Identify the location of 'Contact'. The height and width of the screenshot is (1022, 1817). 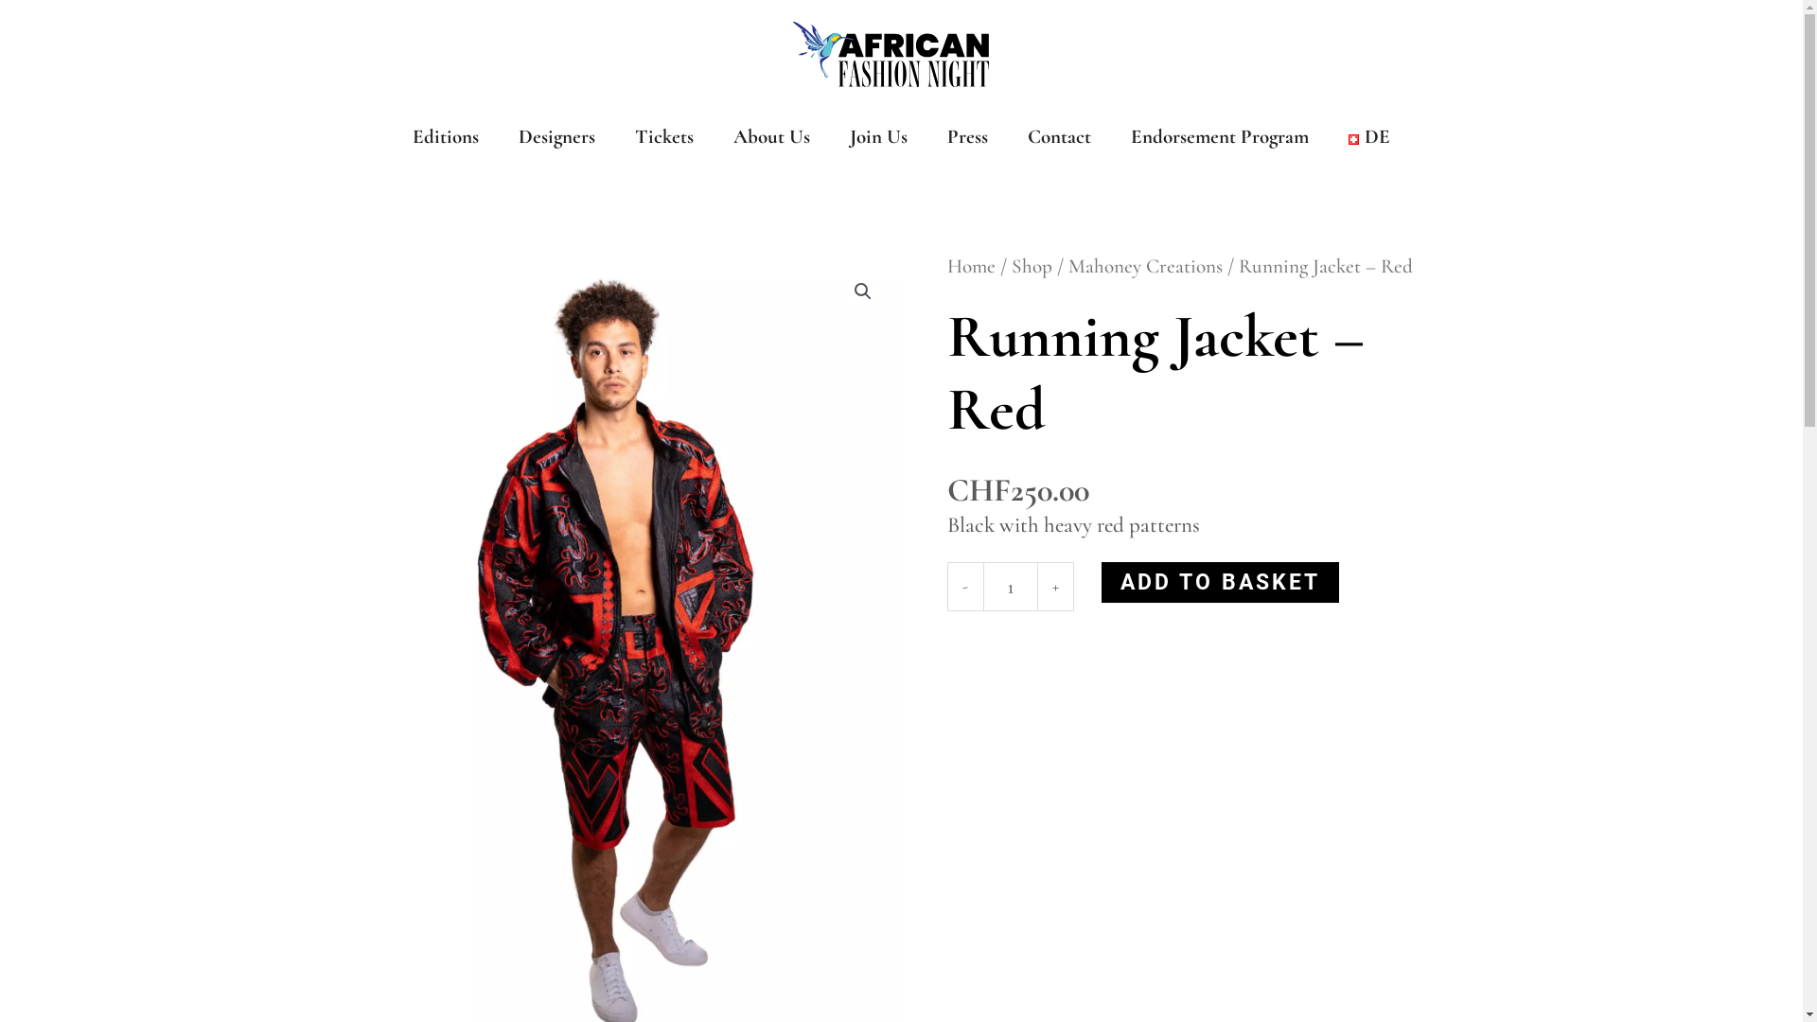
(1058, 136).